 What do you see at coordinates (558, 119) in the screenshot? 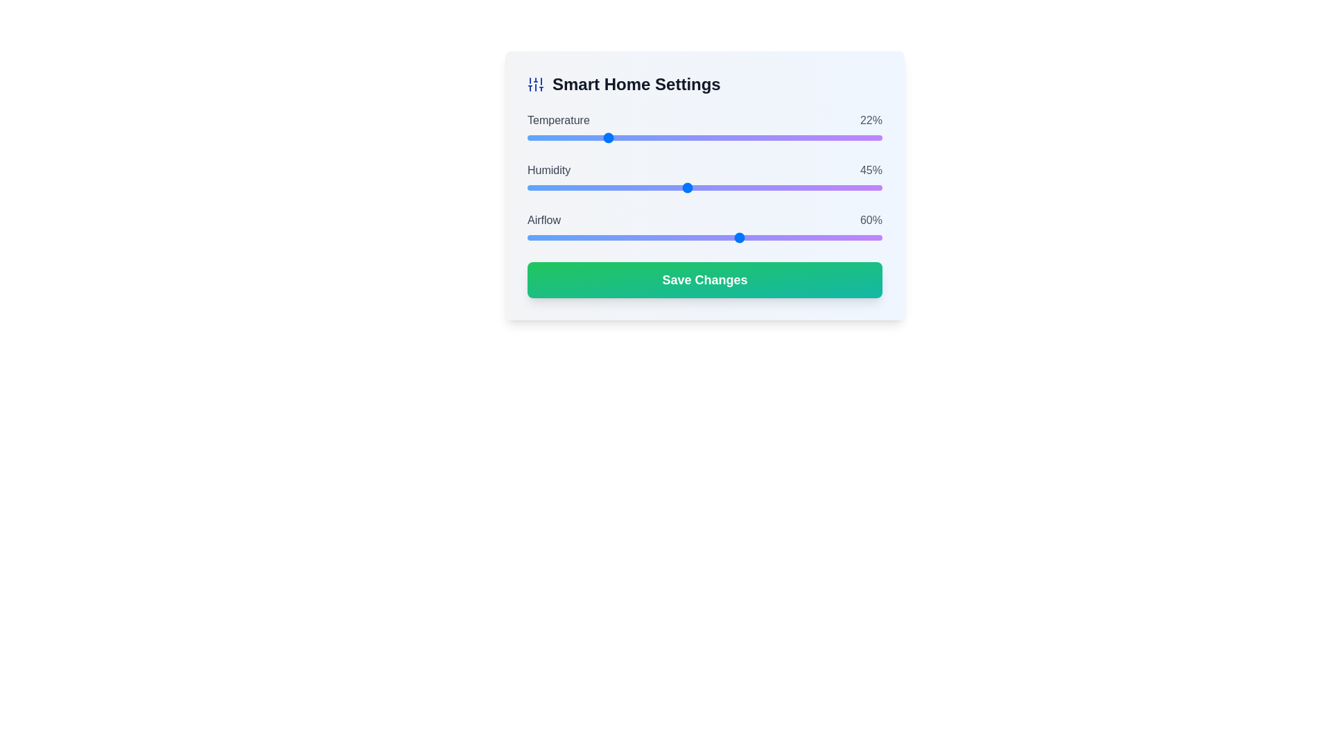
I see `the 'Temperature' label that indicates the parameter associated with the progress bar and percentage value, positioned to the left of the '22%' display in the Smart Home Settings panel` at bounding box center [558, 119].